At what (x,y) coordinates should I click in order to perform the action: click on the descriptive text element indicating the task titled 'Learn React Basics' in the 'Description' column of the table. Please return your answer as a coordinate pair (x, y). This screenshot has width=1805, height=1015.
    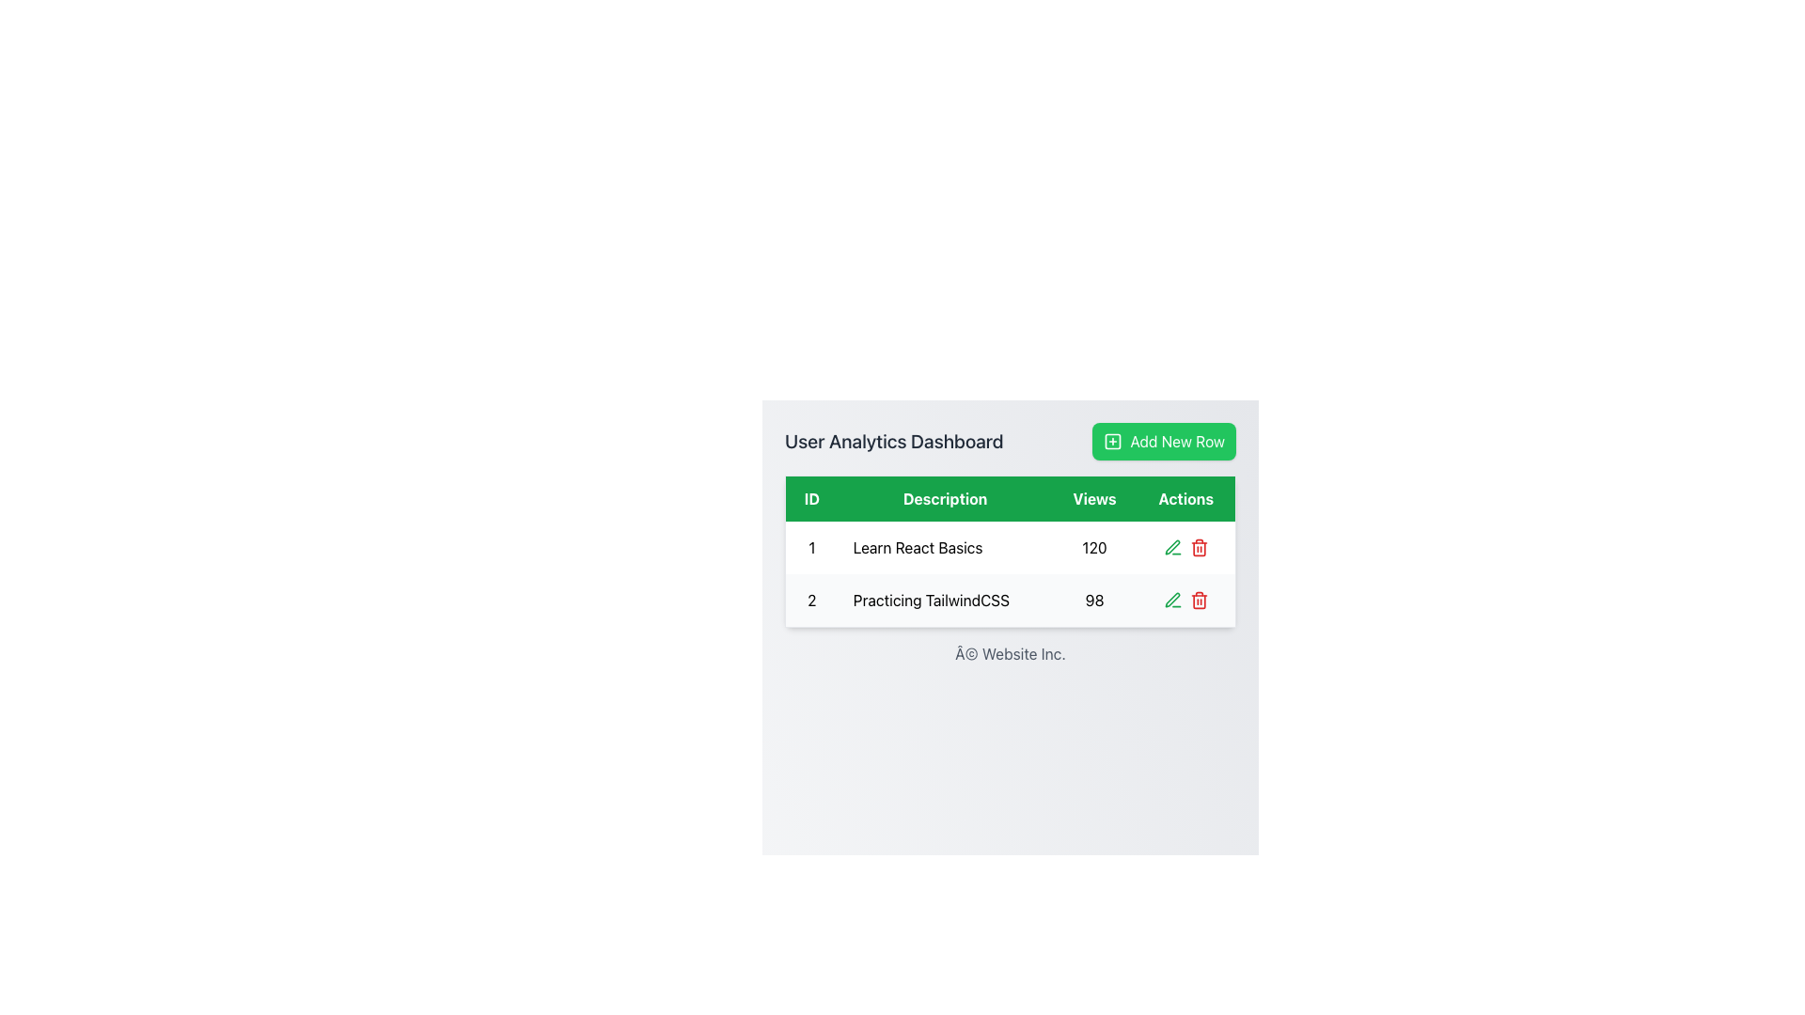
    Looking at the image, I should click on (945, 547).